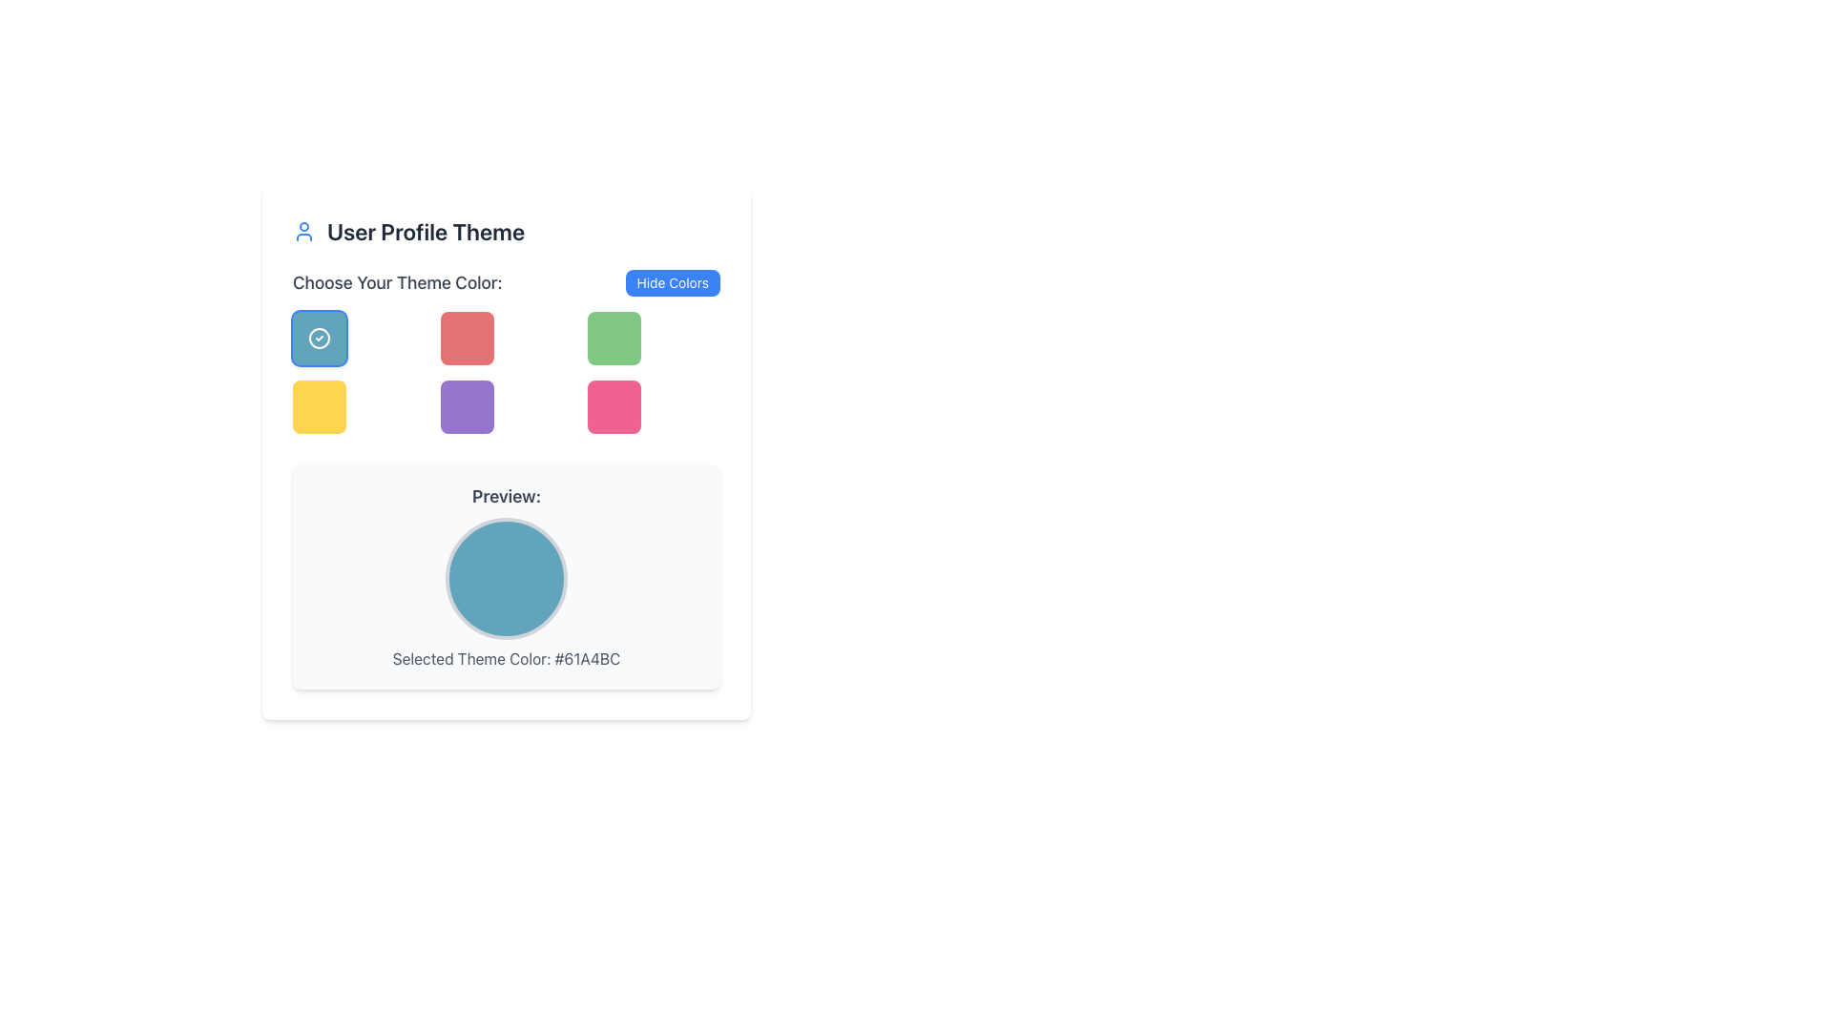 The image size is (1832, 1030). What do you see at coordinates (614, 406) in the screenshot?
I see `the interactive color selection box located in the bottom-right corner of a 3x3 grid, which allows users to select a pink theme for their user profile` at bounding box center [614, 406].